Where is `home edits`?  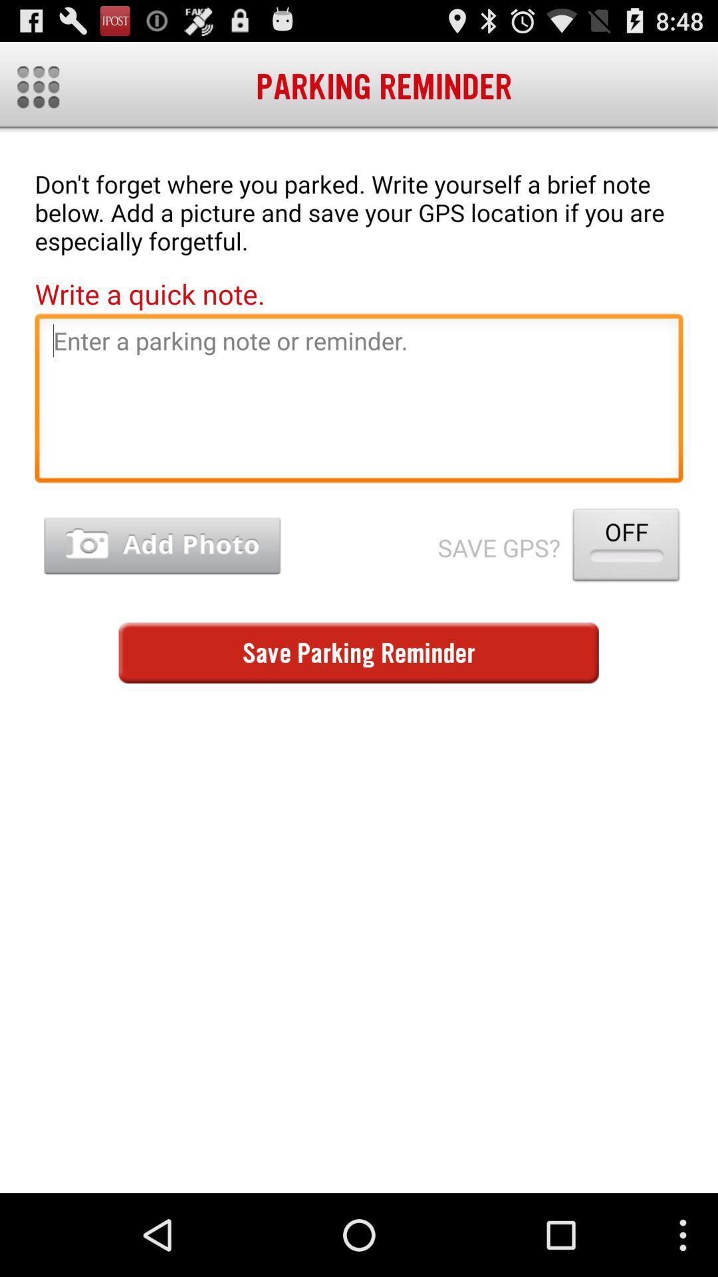 home edits is located at coordinates (37, 86).